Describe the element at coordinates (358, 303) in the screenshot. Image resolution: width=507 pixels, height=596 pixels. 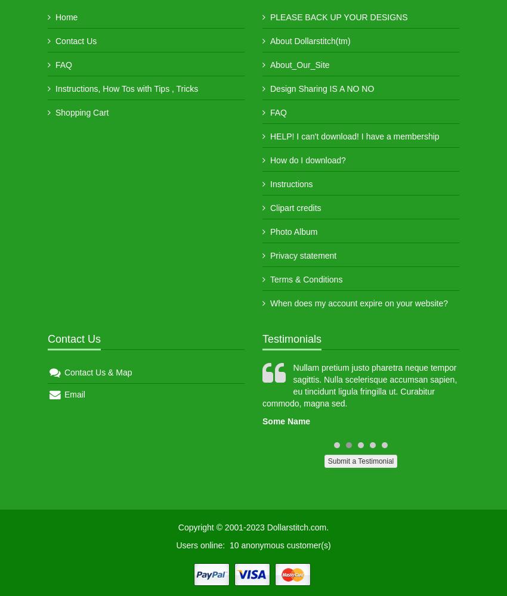
I see `'When does my account expire on your website?'` at that location.